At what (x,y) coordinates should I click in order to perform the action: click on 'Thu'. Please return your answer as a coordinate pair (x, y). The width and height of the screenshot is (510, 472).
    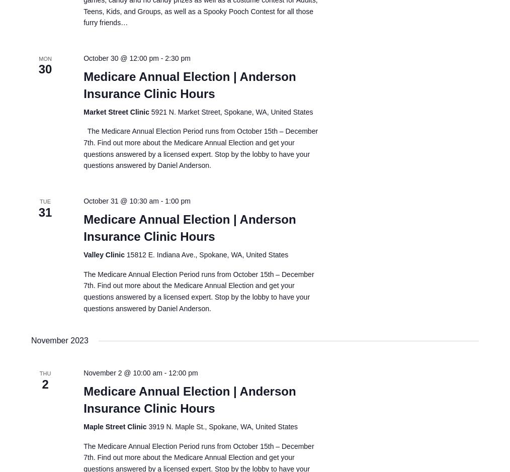
    Looking at the image, I should click on (45, 373).